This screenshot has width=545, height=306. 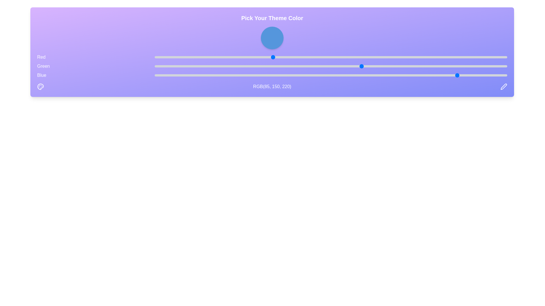 I want to click on the 'red' color intensity, so click(x=349, y=57).